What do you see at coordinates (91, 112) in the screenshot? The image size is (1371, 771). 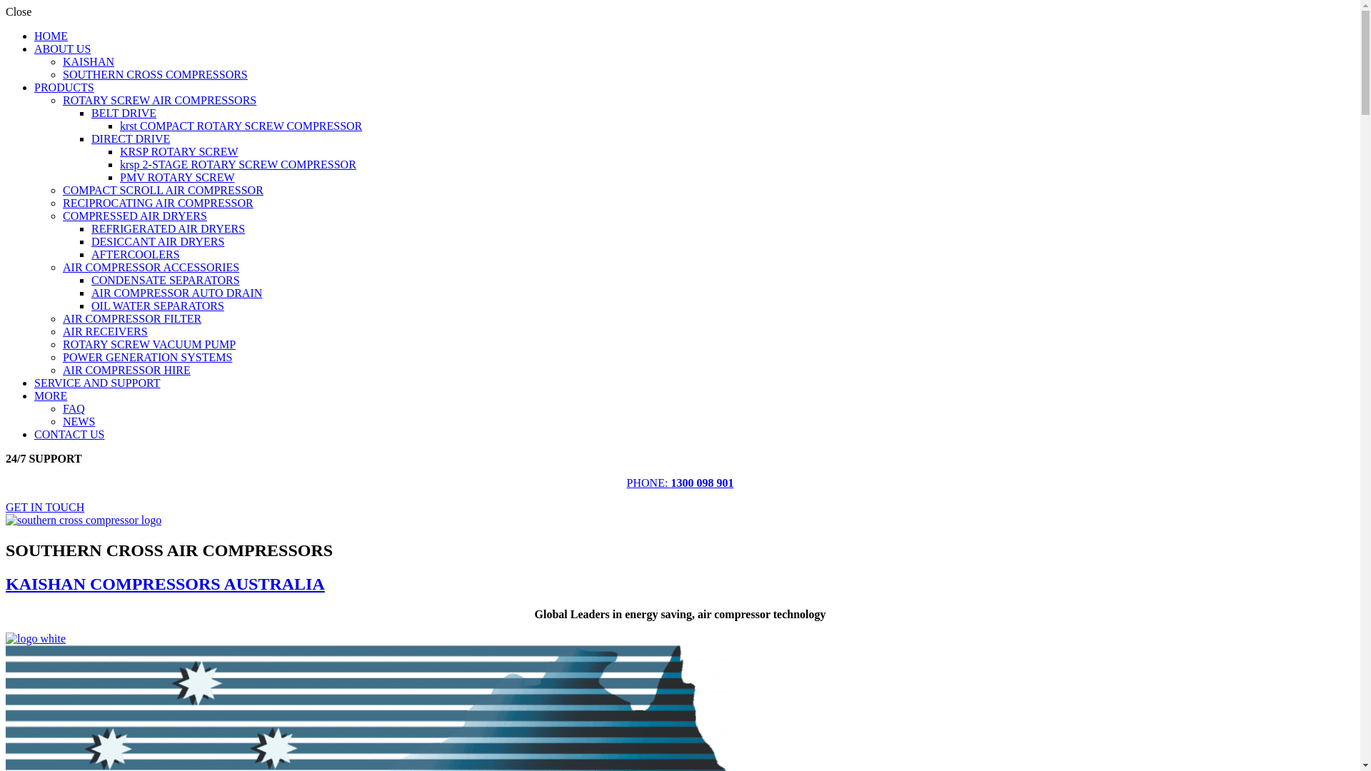 I see `'BELT DRIVE'` at bounding box center [91, 112].